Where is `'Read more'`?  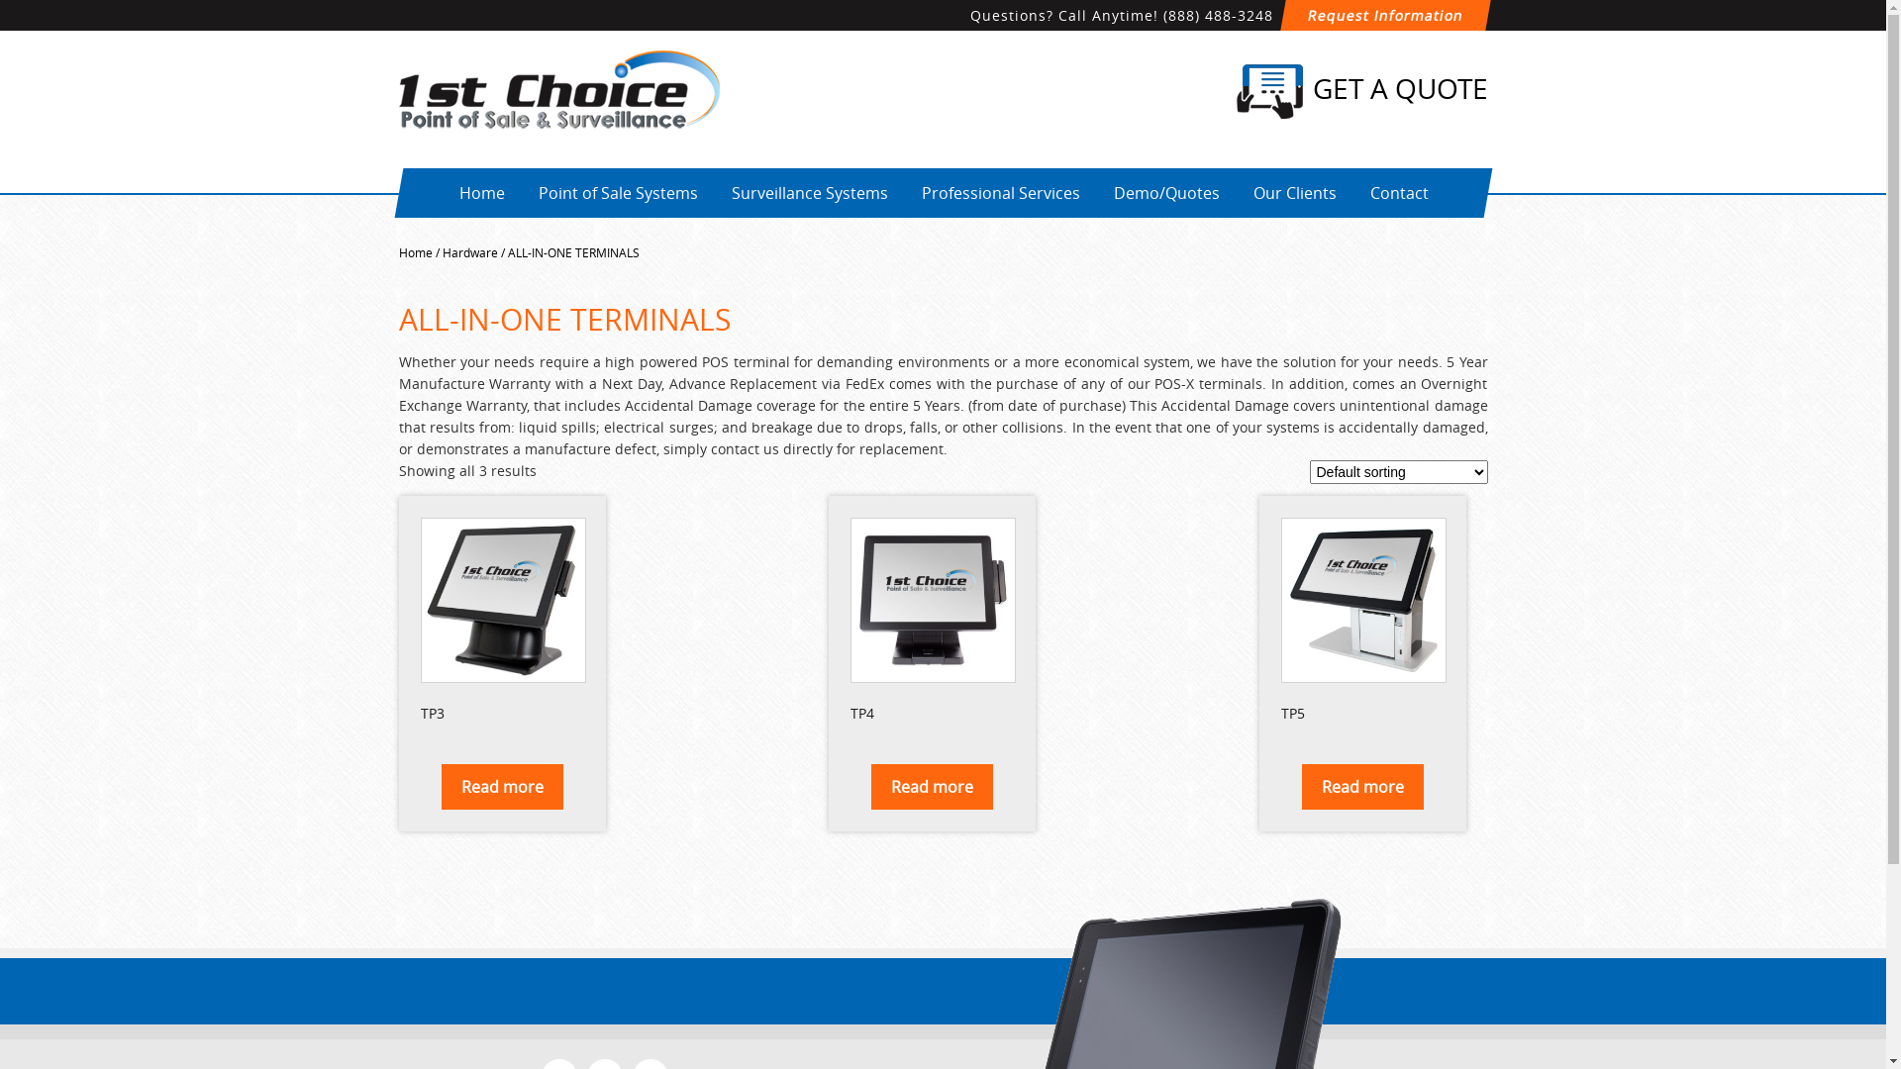
'Read more' is located at coordinates (931, 785).